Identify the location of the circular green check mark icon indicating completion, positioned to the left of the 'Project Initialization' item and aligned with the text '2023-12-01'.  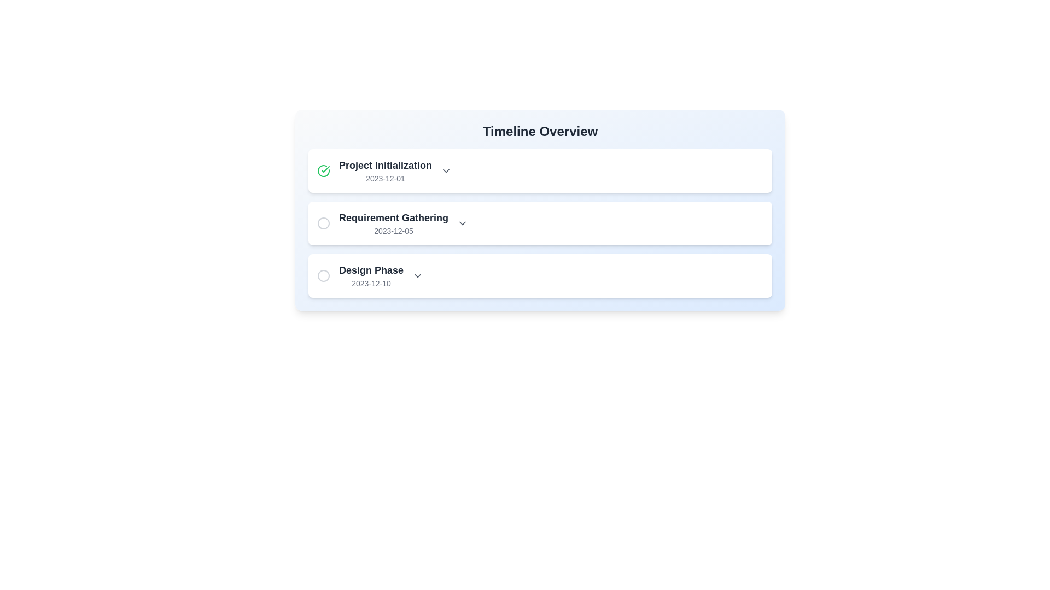
(323, 170).